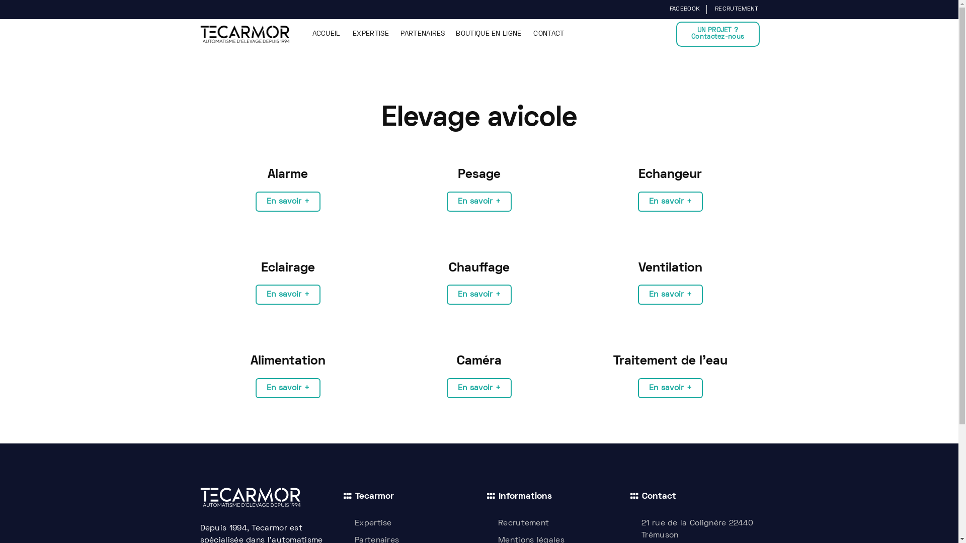 Image resolution: width=966 pixels, height=543 pixels. What do you see at coordinates (423, 33) in the screenshot?
I see `'PARTENAIRES'` at bounding box center [423, 33].